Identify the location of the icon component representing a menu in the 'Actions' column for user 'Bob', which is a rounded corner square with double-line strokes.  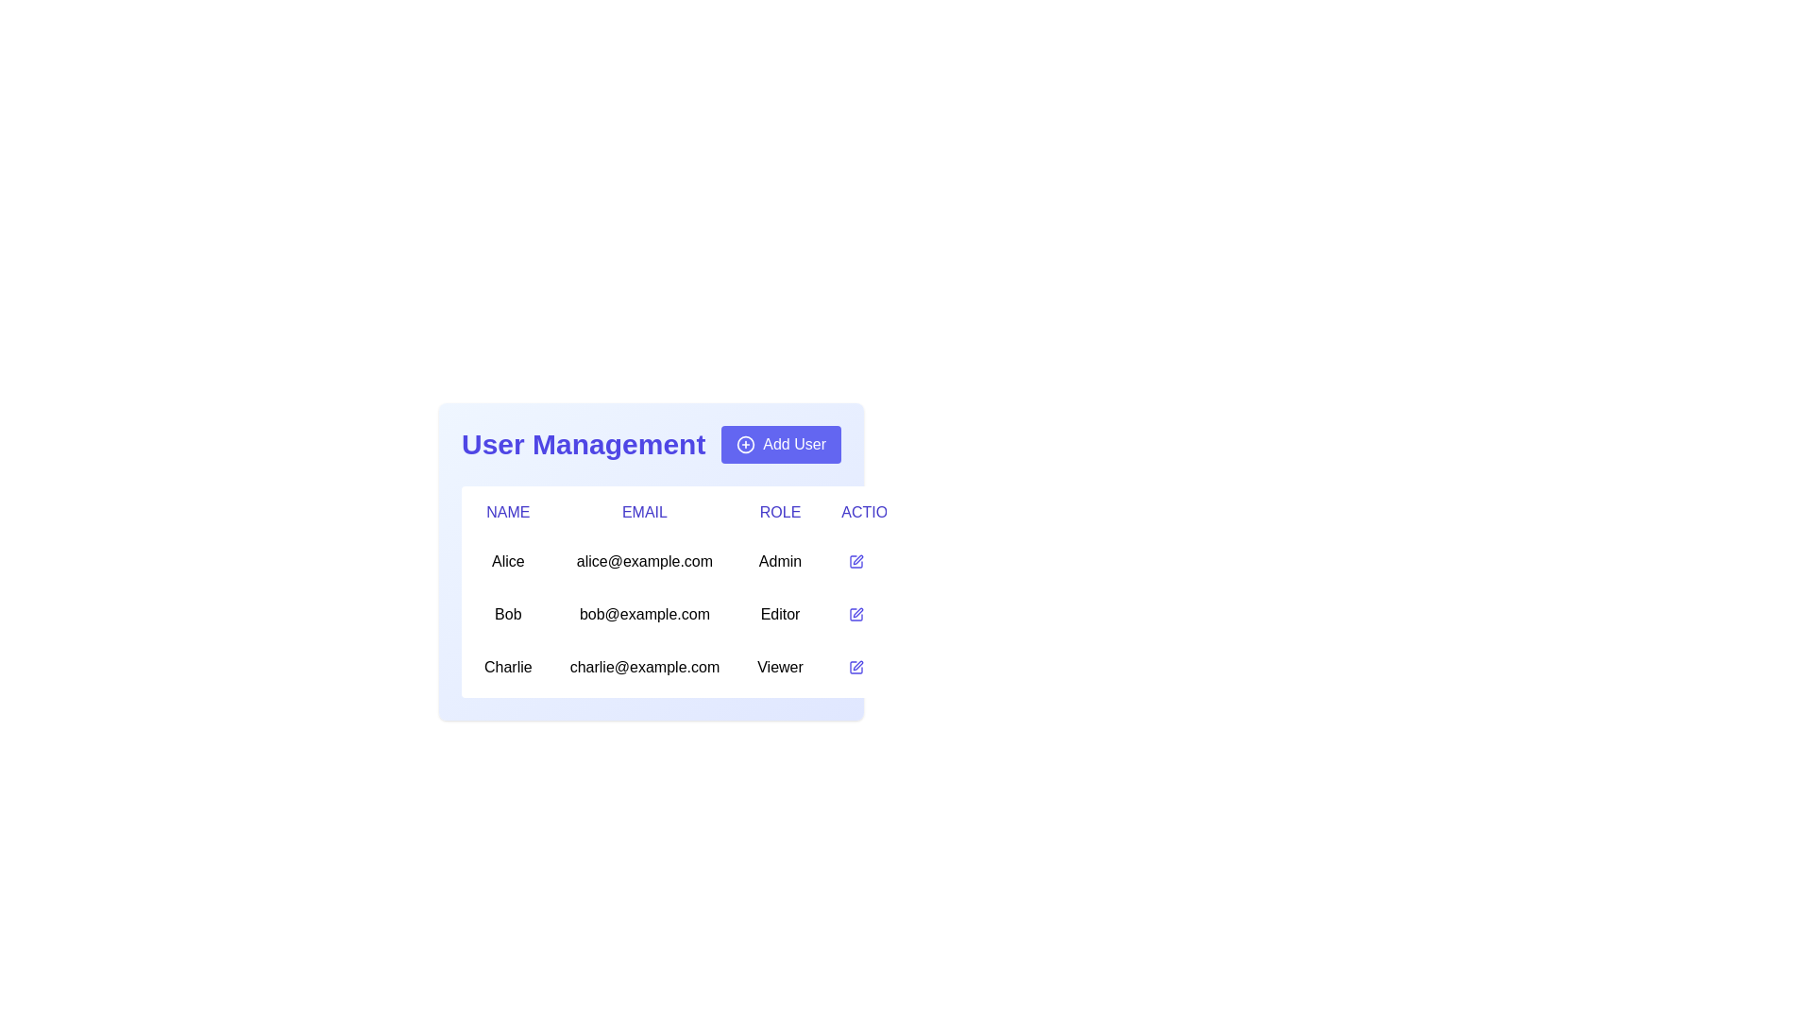
(855, 615).